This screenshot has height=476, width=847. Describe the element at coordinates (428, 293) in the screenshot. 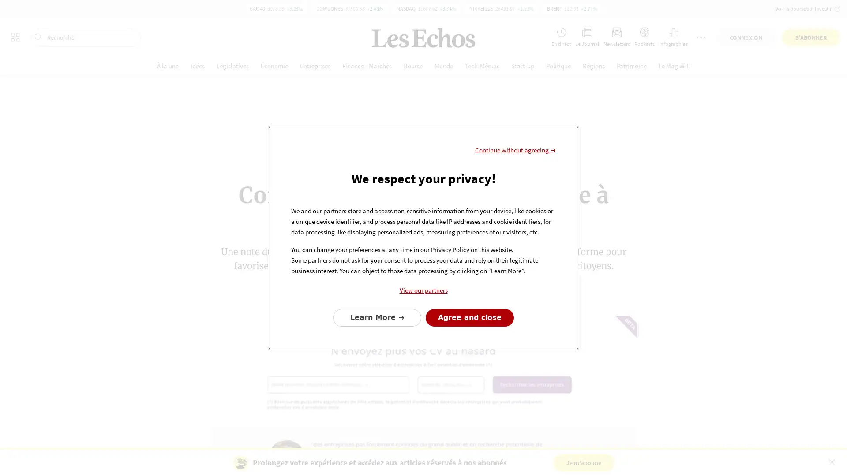

I see `Partager` at that location.